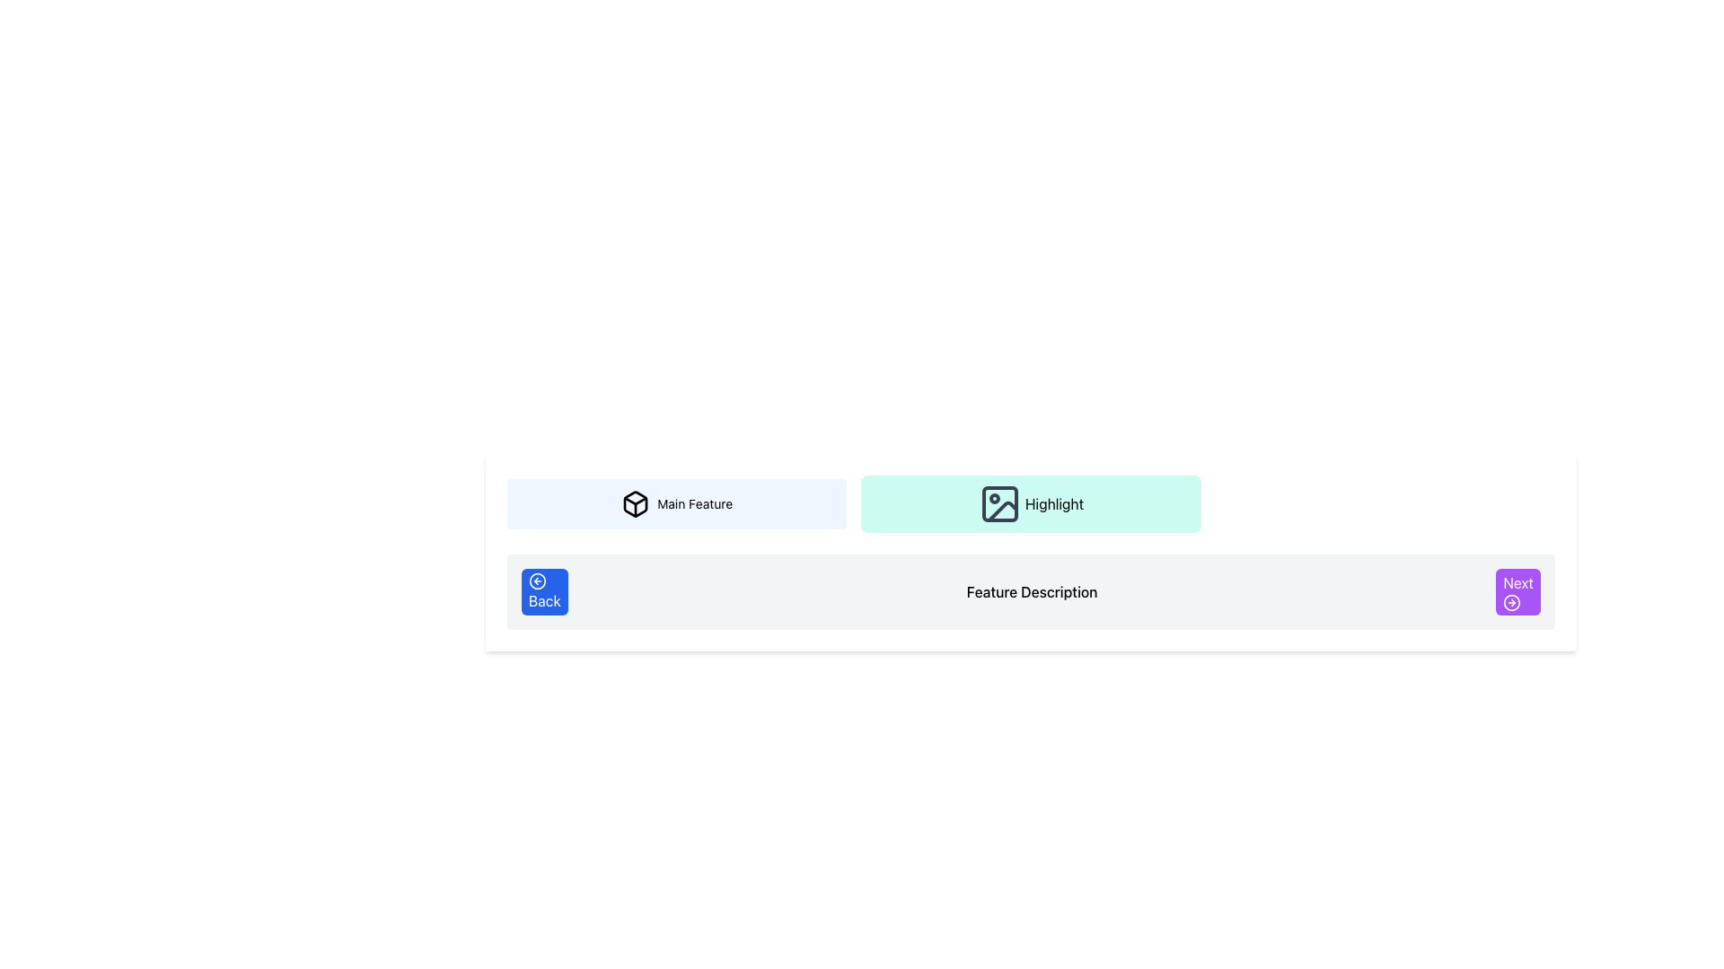 The height and width of the screenshot is (969, 1724). I want to click on the 'Highlight' button, which is a teal-colored button located at the top-right section of the interface, so click(998, 504).